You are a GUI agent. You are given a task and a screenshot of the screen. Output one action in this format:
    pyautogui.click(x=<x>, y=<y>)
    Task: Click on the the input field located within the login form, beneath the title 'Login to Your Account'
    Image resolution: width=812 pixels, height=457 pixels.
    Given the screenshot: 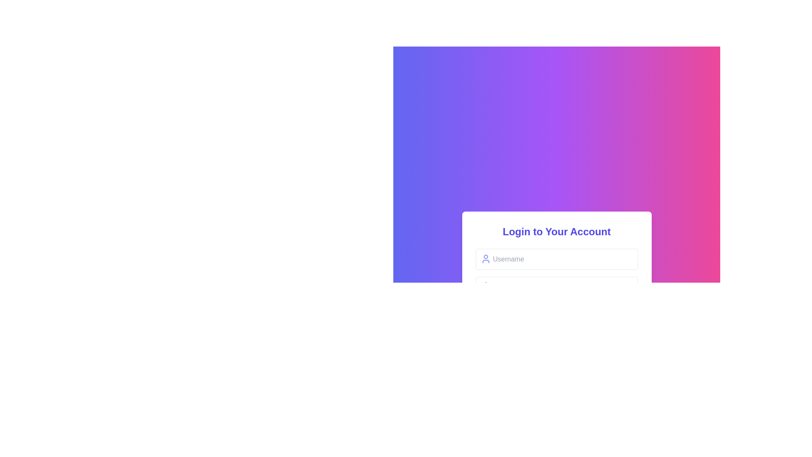 What is the action you would take?
    pyautogui.click(x=557, y=286)
    